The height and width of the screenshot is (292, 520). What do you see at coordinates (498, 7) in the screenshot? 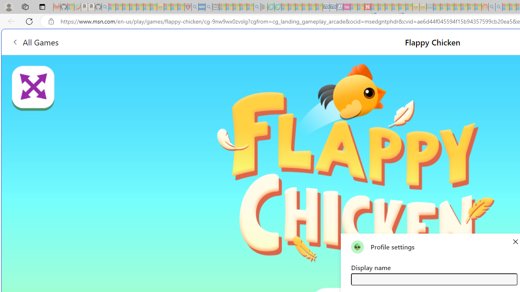
I see `'Utah sues federal government - Search - Sleeping'` at bounding box center [498, 7].